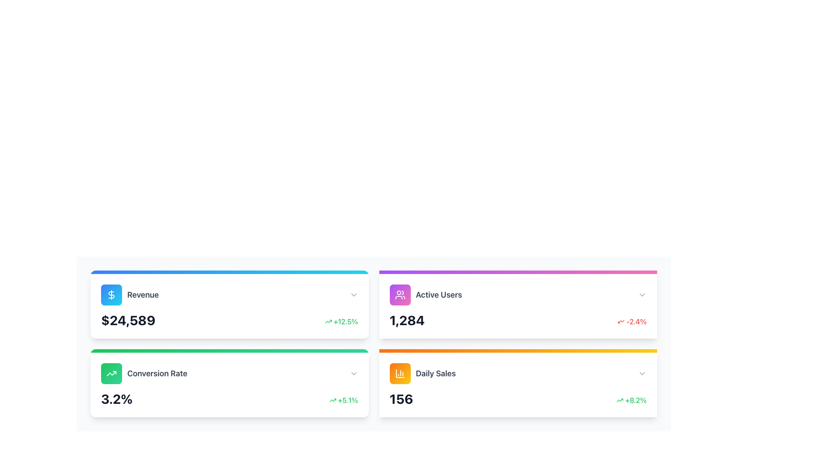 The image size is (840, 472). Describe the element at coordinates (345, 322) in the screenshot. I see `the text label displaying '+12.5%' in green color, which is positioned to the right of the small green upward trend icon on the 'Revenue' card` at that location.